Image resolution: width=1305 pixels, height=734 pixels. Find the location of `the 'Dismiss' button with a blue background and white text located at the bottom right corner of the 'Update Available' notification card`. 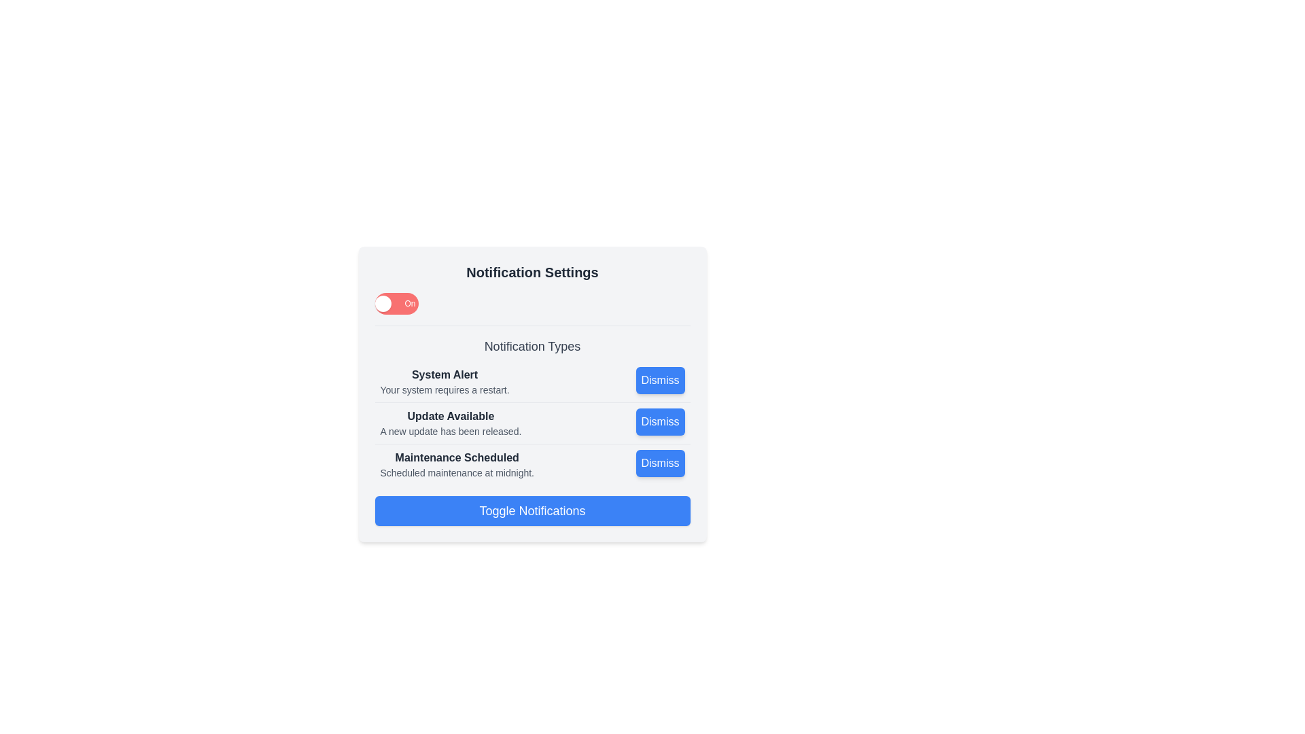

the 'Dismiss' button with a blue background and white text located at the bottom right corner of the 'Update Available' notification card is located at coordinates (660, 421).